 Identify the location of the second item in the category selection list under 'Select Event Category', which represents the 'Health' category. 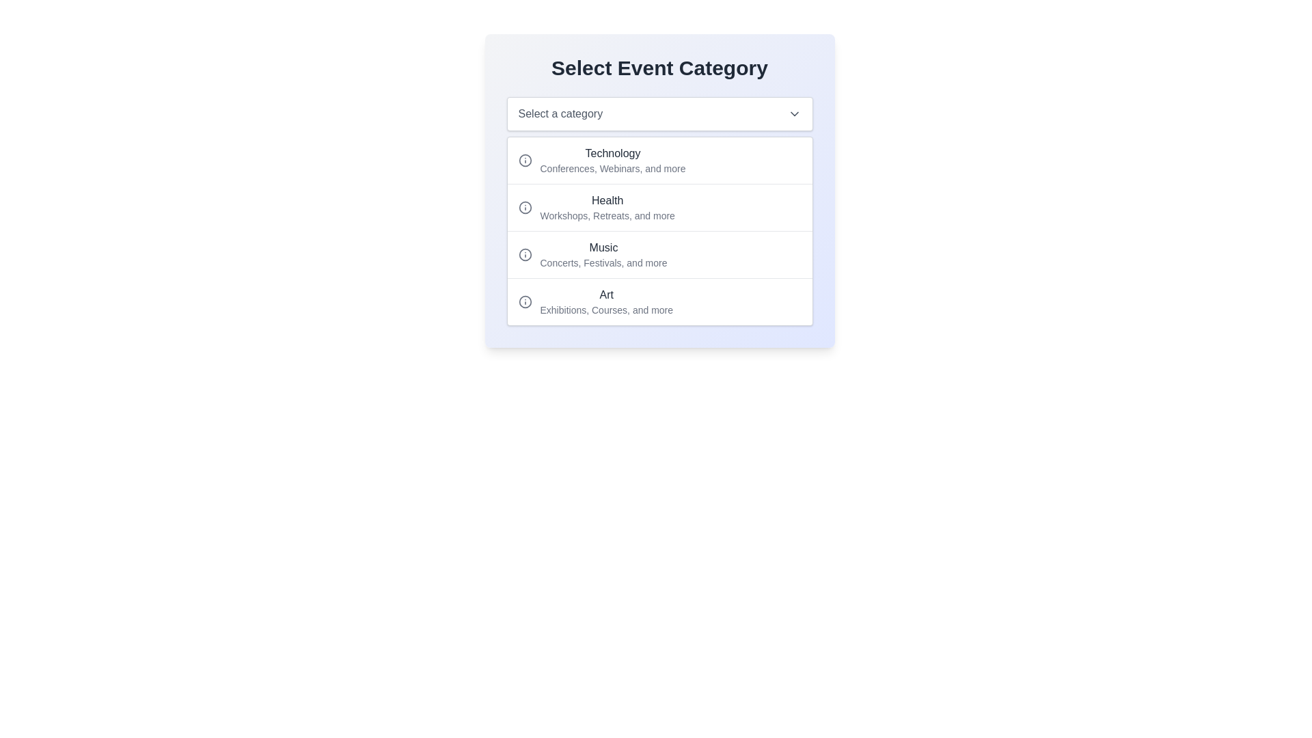
(659, 191).